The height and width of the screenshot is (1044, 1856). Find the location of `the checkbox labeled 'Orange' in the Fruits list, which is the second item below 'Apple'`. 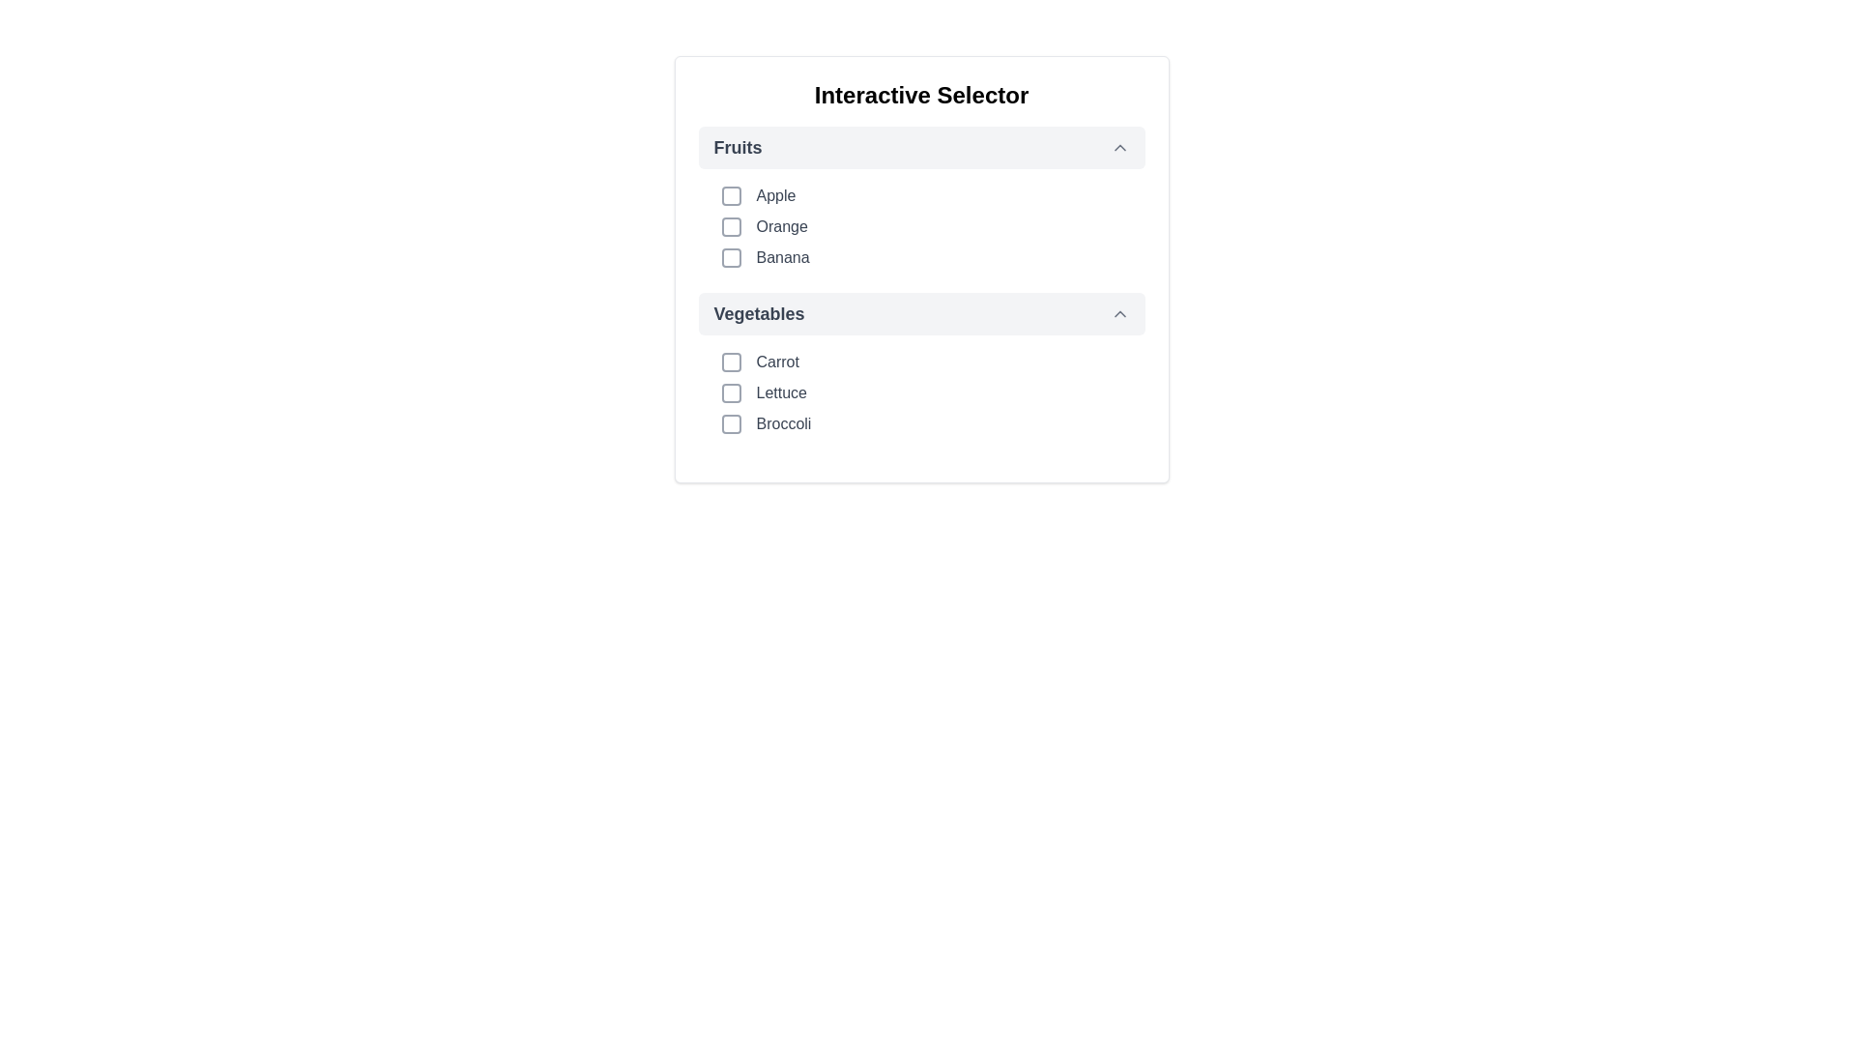

the checkbox labeled 'Orange' in the Fruits list, which is the second item below 'Apple' is located at coordinates (933, 226).